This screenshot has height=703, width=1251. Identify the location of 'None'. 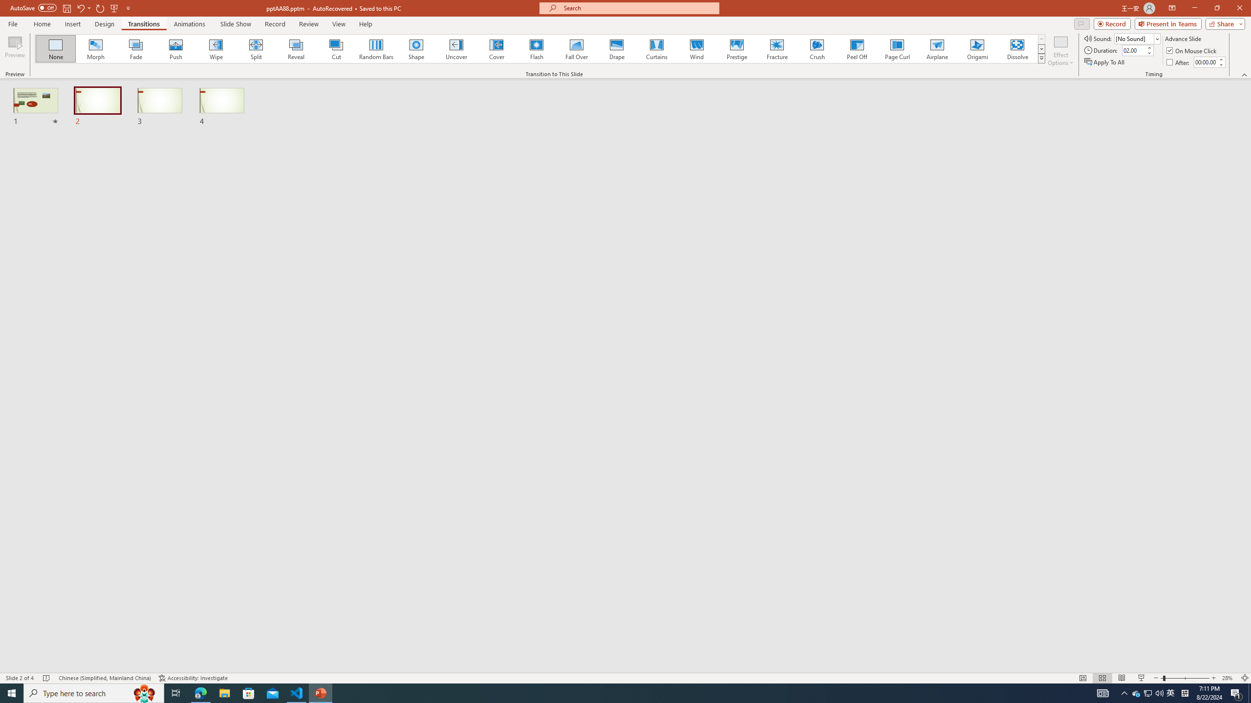
(56, 48).